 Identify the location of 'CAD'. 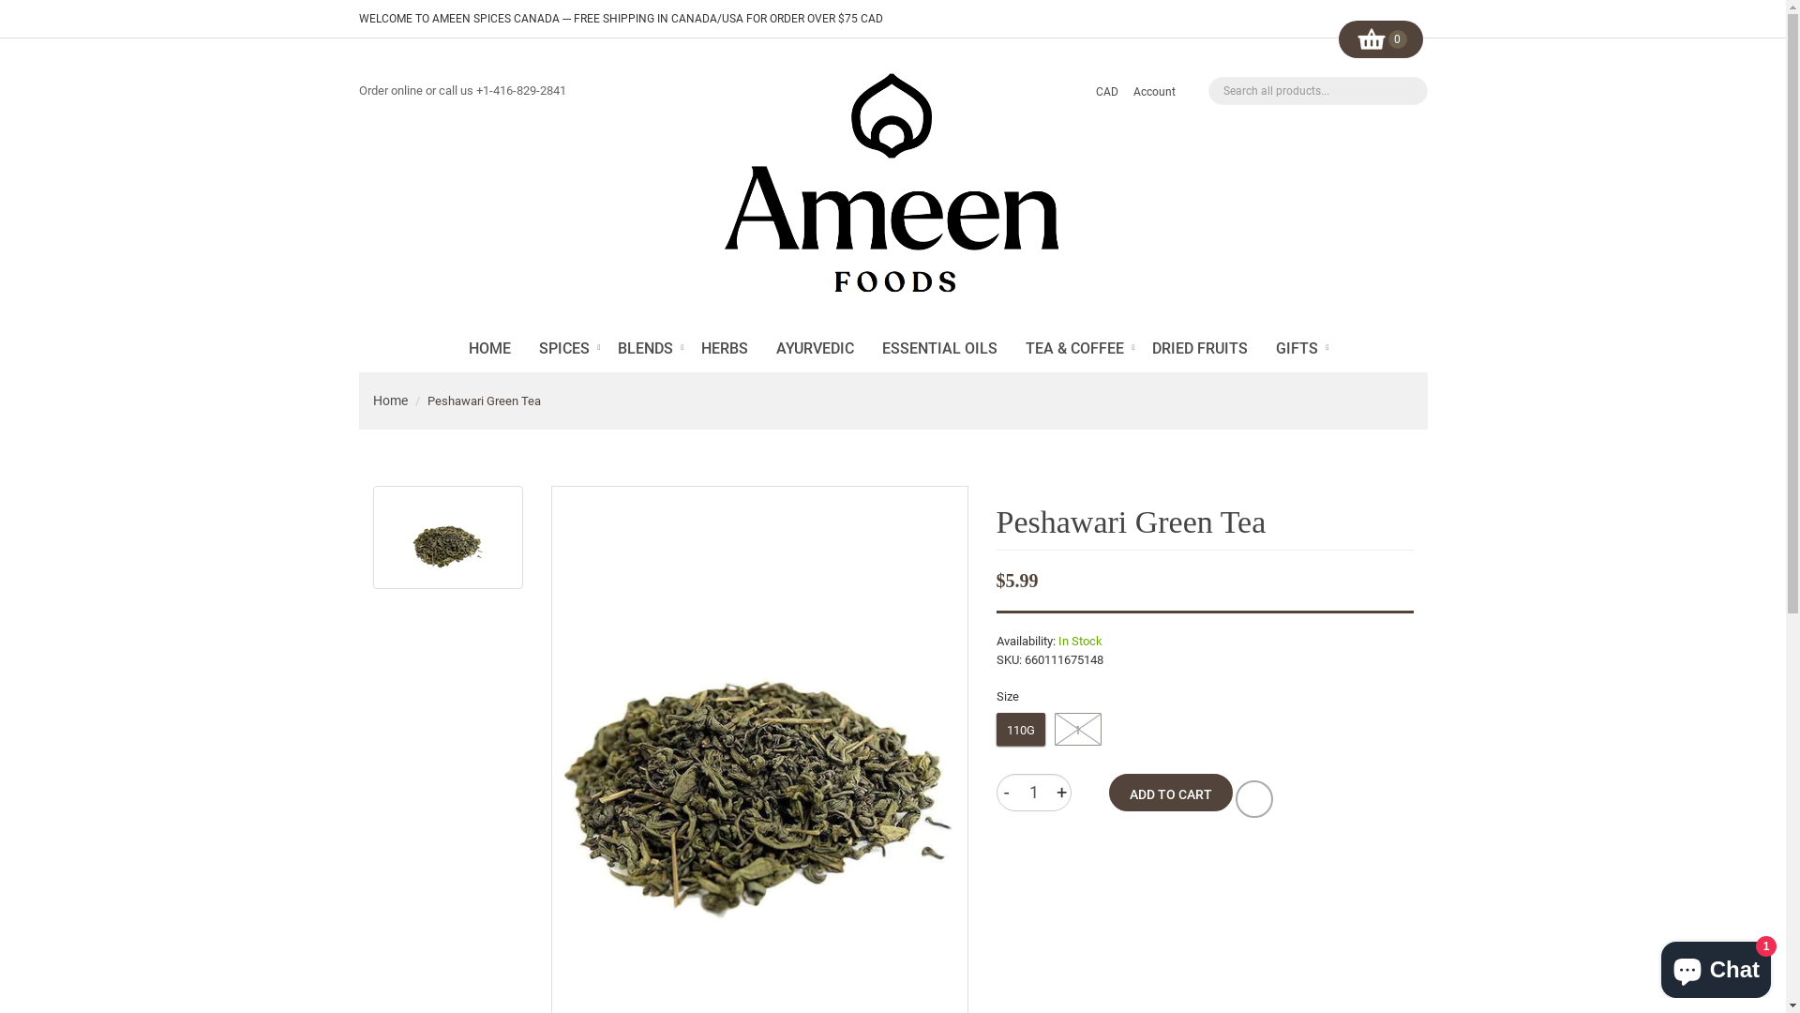
(1094, 92).